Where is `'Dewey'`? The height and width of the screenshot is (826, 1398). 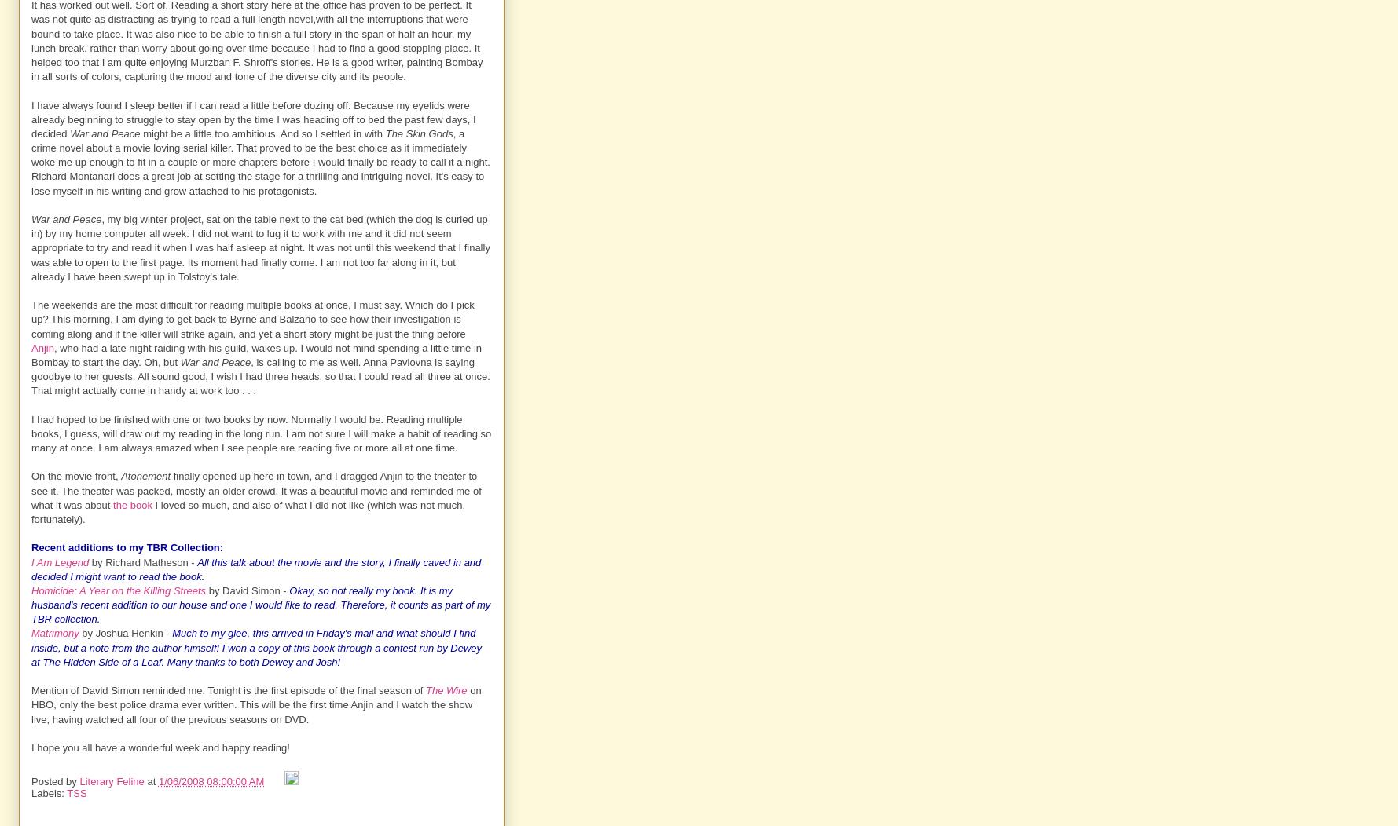
'Dewey' is located at coordinates (465, 647).